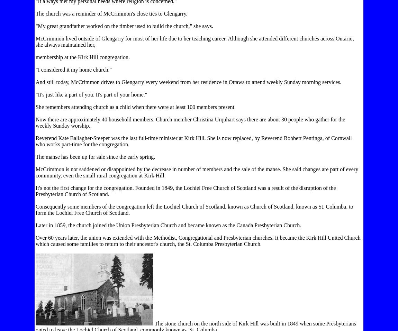 The width and height of the screenshot is (398, 331). What do you see at coordinates (193, 141) in the screenshot?
I see `'Reverend Kate Ballagher-Steeper  was the last full-time minister at Kirk Hill. She 
is now replaced, by Reverend Robbert  Pentinga,  of Cornwall who works part-time 
for the congregation.'` at bounding box center [193, 141].